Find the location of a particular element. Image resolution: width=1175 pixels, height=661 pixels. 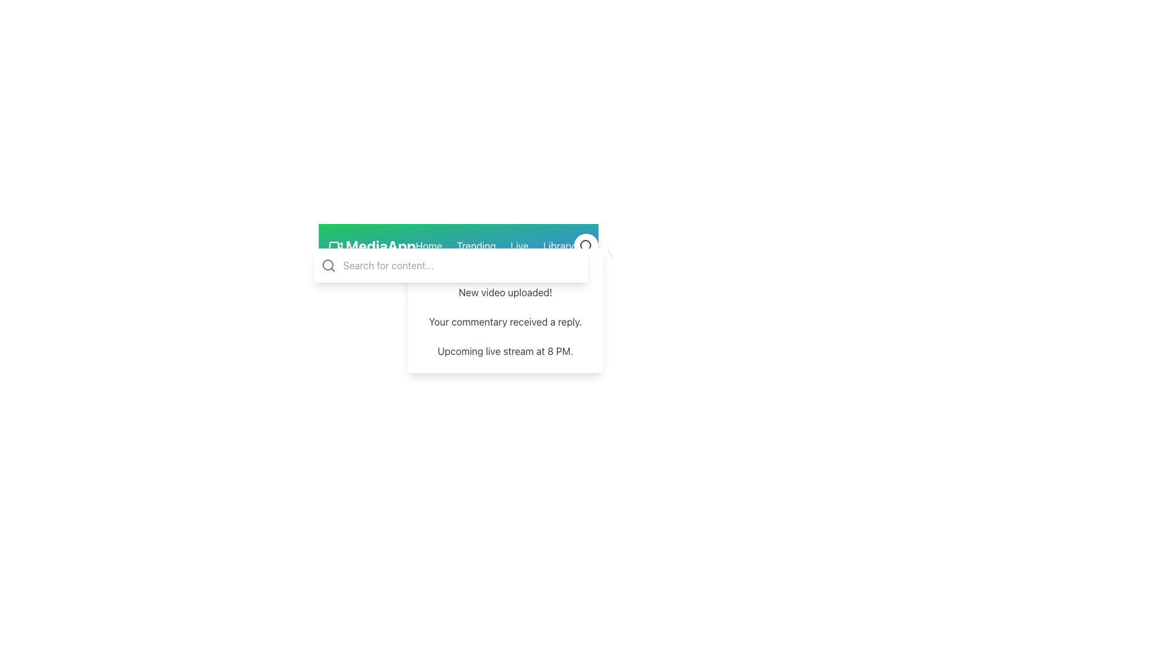

the 'Home' navigation link in the navigation bar is located at coordinates (429, 245).